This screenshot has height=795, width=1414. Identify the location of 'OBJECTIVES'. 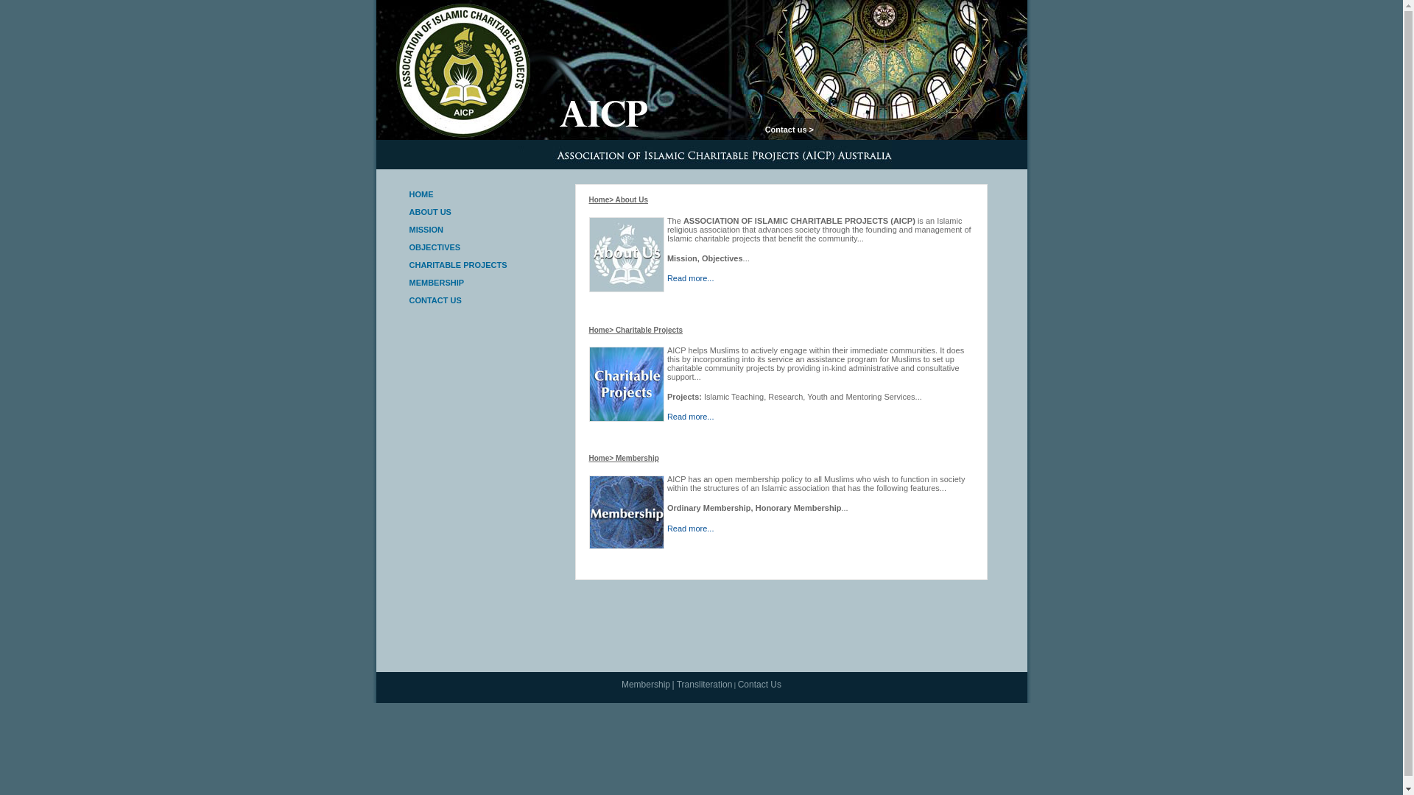
(409, 246).